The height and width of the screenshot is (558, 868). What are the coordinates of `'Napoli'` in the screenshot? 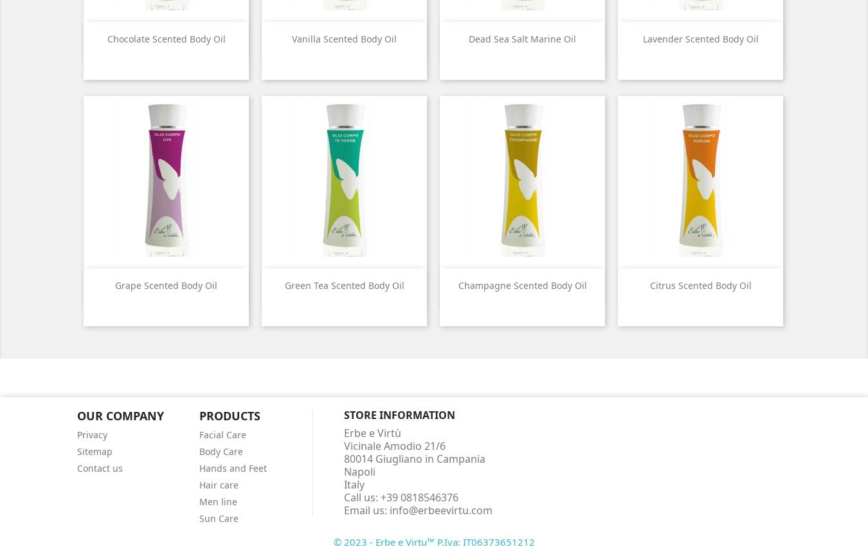 It's located at (358, 470).